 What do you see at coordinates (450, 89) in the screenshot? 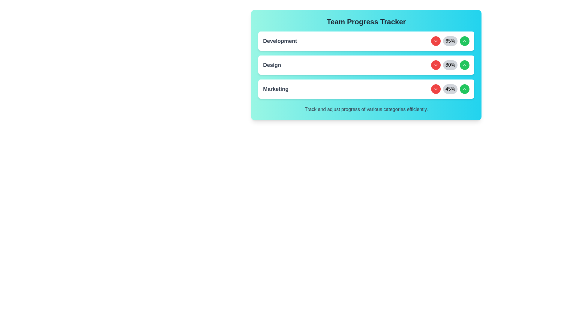
I see `the static text display that shows the percentage value of completion in the third row of the 'Marketing' section, located between a red circular button and a green circular button` at bounding box center [450, 89].